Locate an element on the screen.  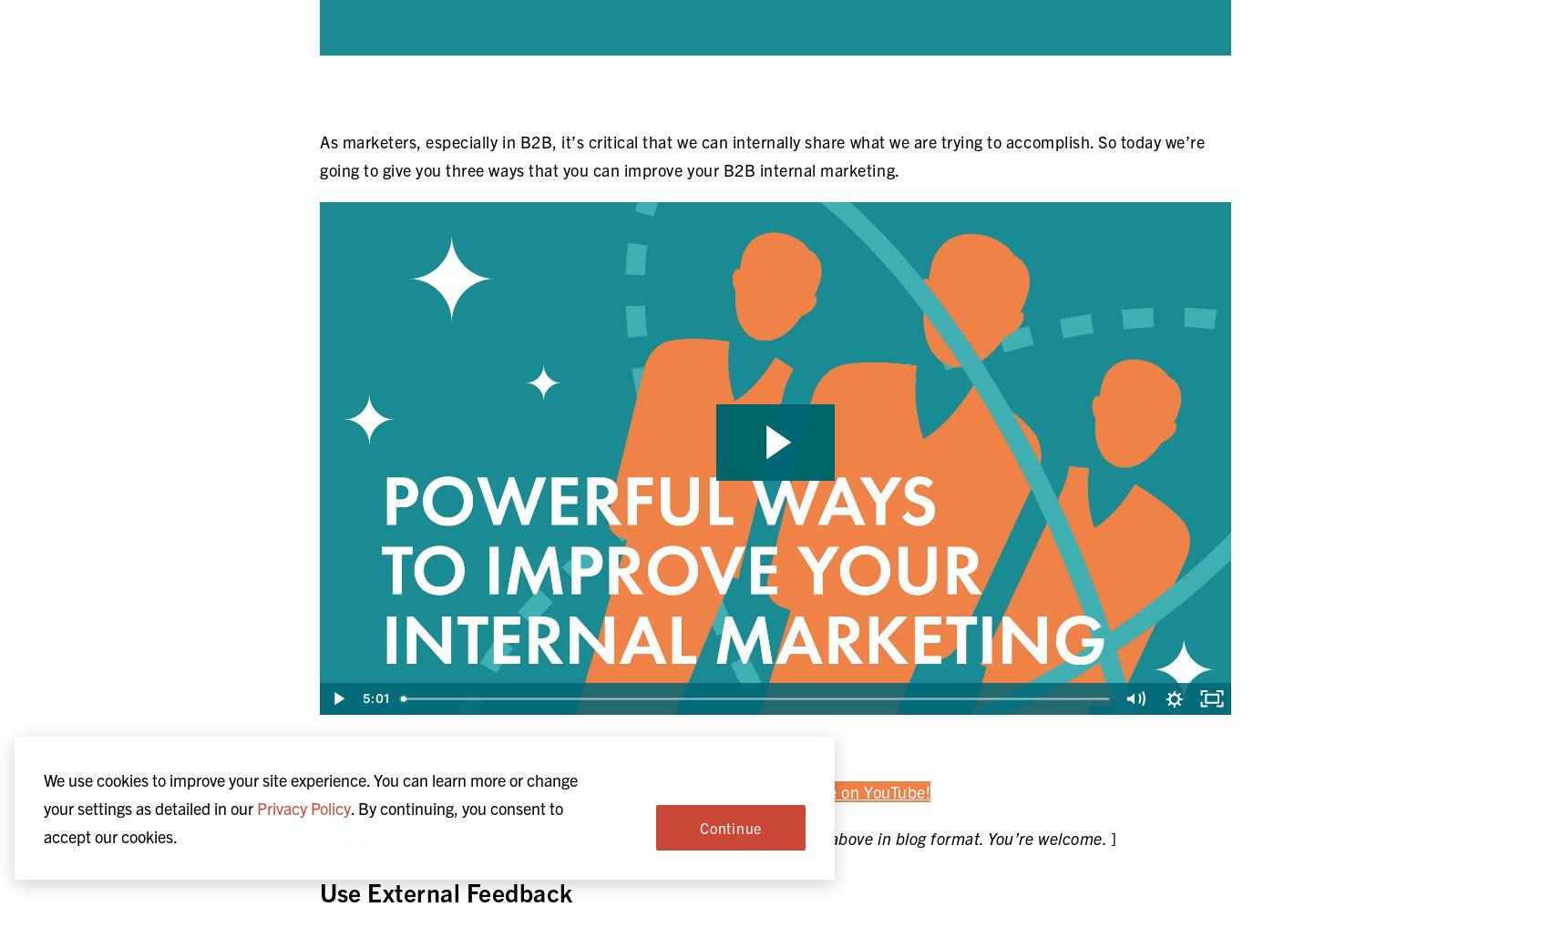
'We use cookies to improve your site experience.
You can learn more or change your settings as detailed
in our' is located at coordinates (311, 794).